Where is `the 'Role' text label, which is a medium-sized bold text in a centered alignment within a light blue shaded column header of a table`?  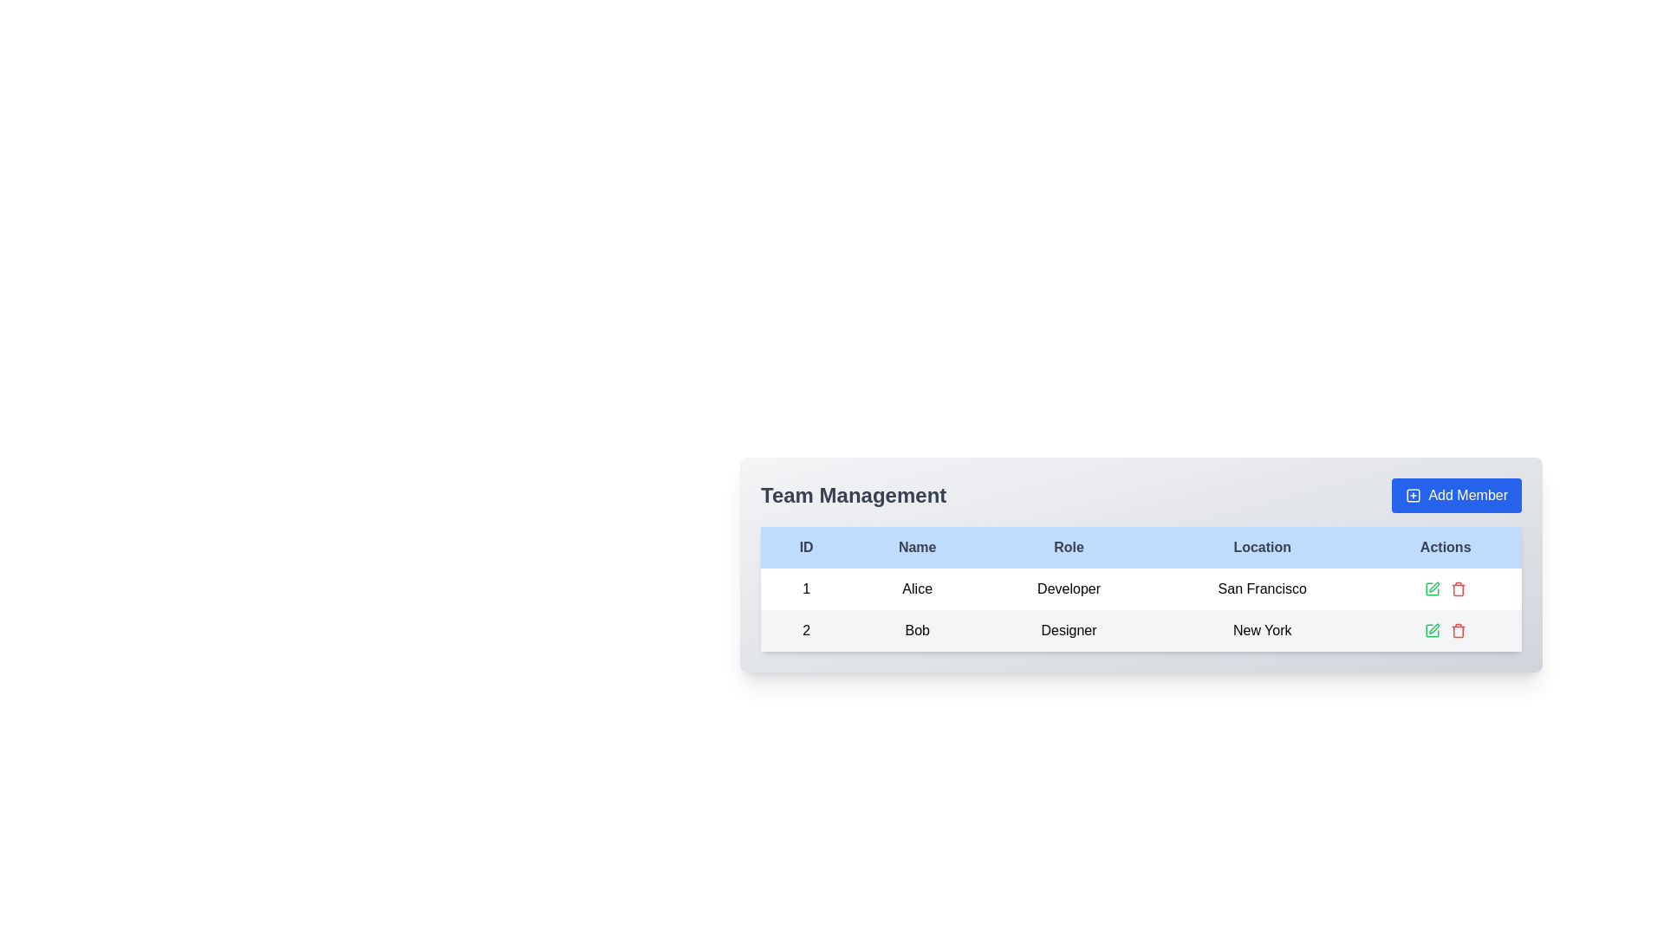 the 'Role' text label, which is a medium-sized bold text in a centered alignment within a light blue shaded column header of a table is located at coordinates (1068, 548).